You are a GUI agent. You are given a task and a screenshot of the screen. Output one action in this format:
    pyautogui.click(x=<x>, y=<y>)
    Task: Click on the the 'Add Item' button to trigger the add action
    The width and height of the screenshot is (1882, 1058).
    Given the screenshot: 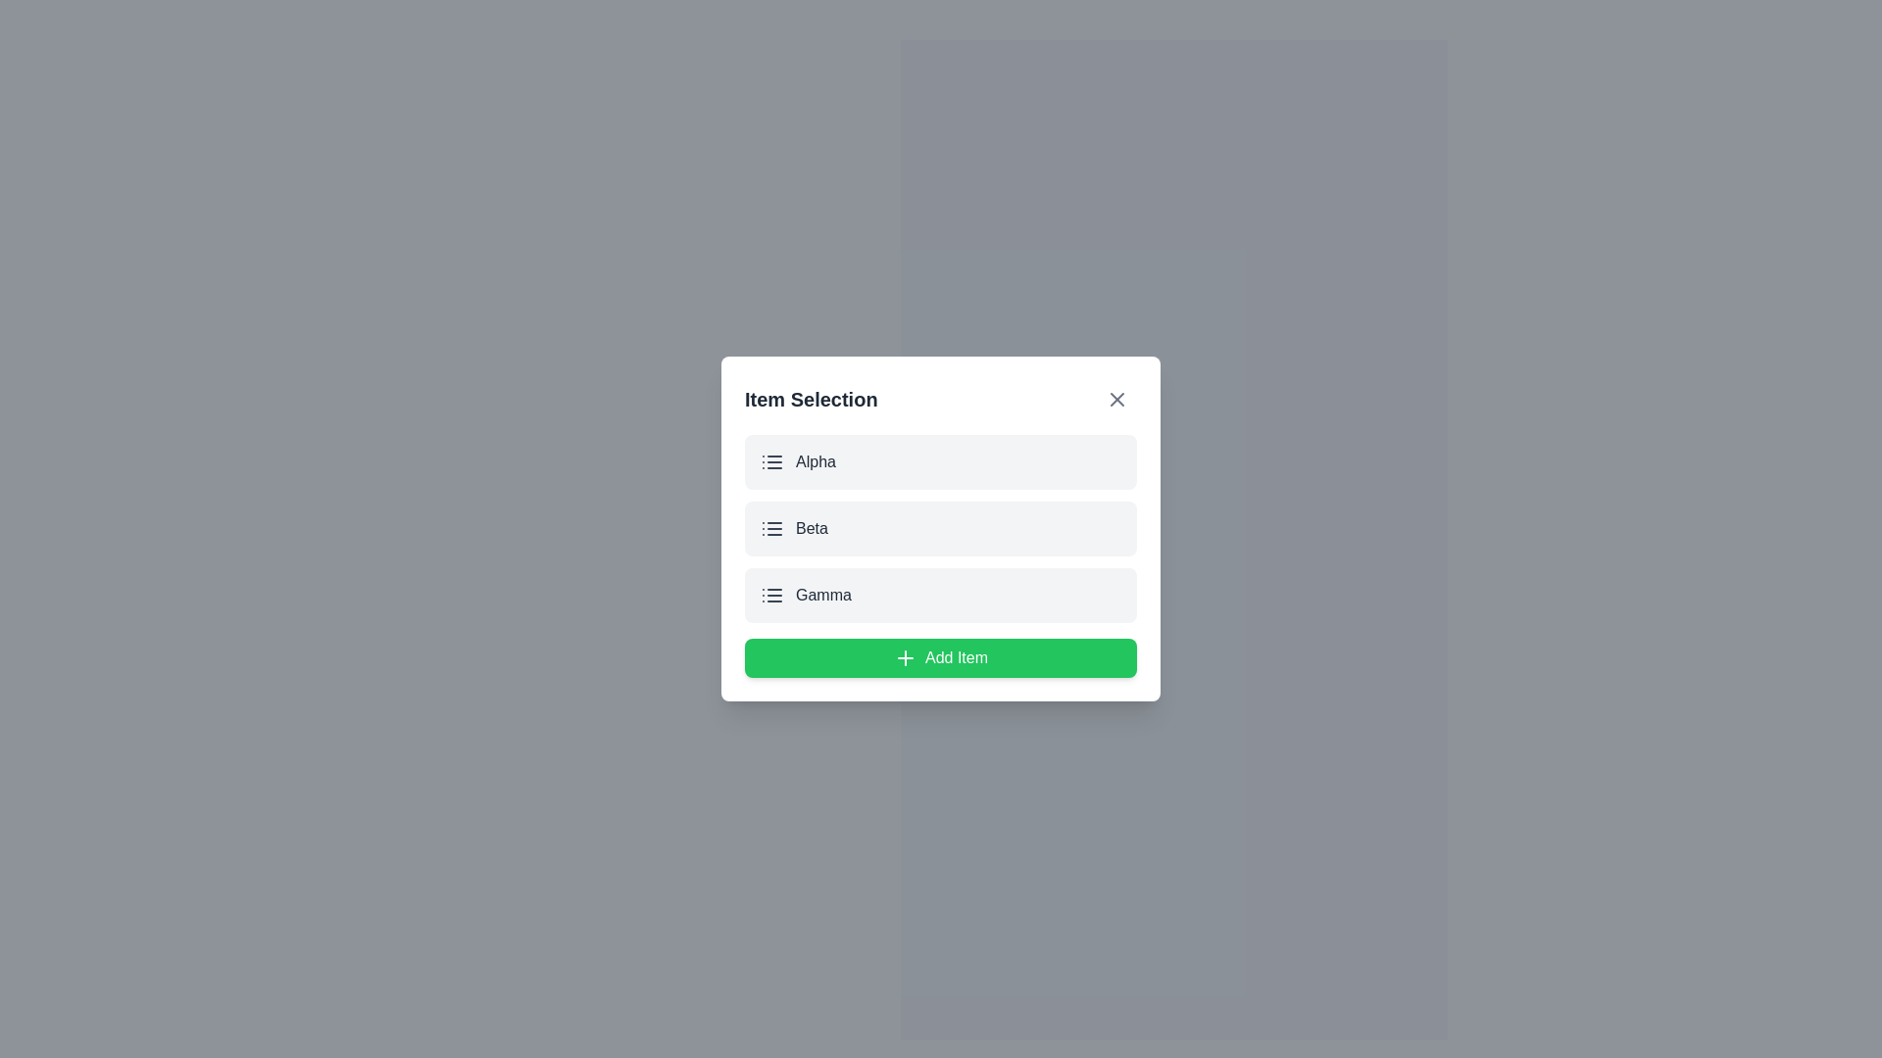 What is the action you would take?
    pyautogui.click(x=941, y=657)
    